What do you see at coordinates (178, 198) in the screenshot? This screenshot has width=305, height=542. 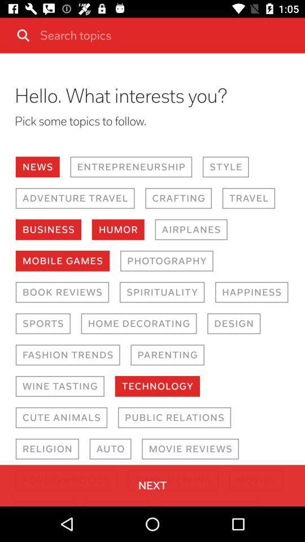 I see `the icon to the right of the adventure travel icon` at bounding box center [178, 198].